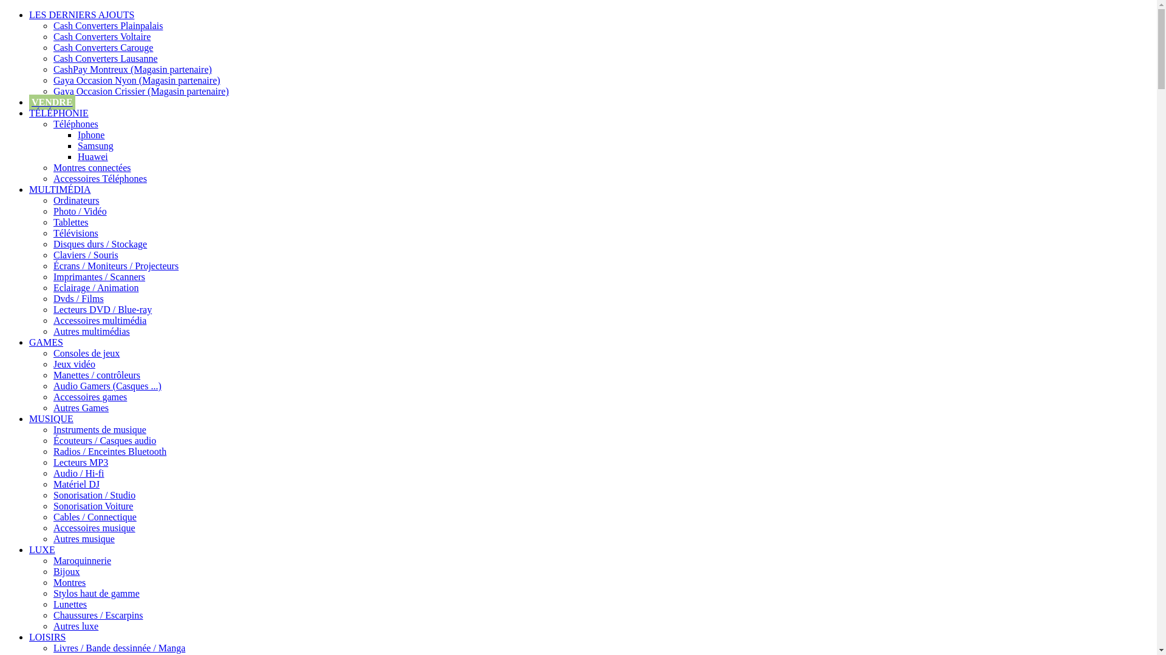  Describe the element at coordinates (29, 15) in the screenshot. I see `'LES DERNIERS AJOUTS'` at that location.